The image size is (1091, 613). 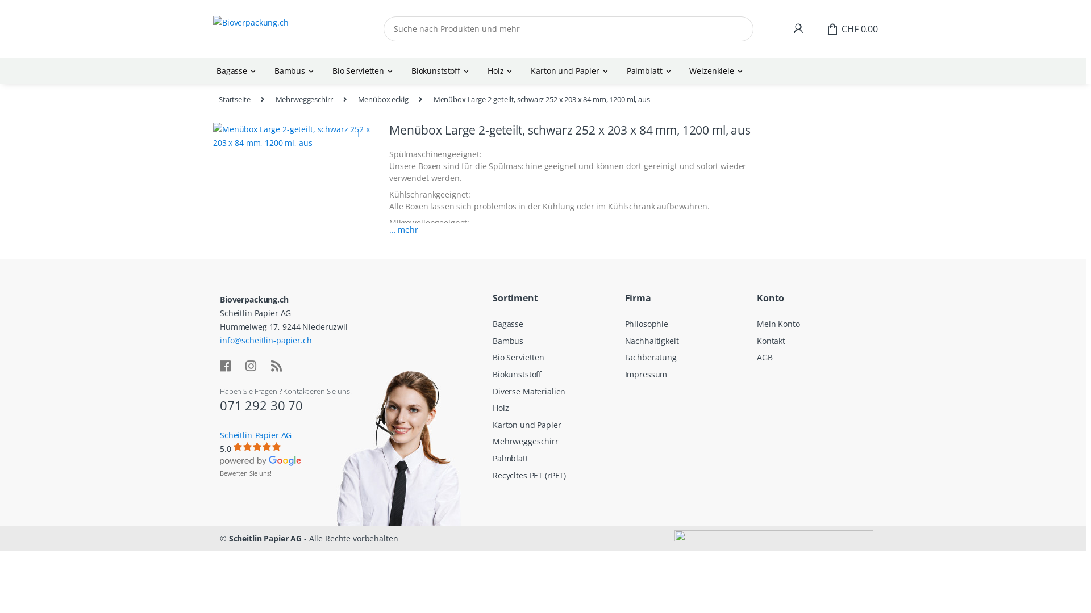 What do you see at coordinates (493, 374) in the screenshot?
I see `'Biokunststoff'` at bounding box center [493, 374].